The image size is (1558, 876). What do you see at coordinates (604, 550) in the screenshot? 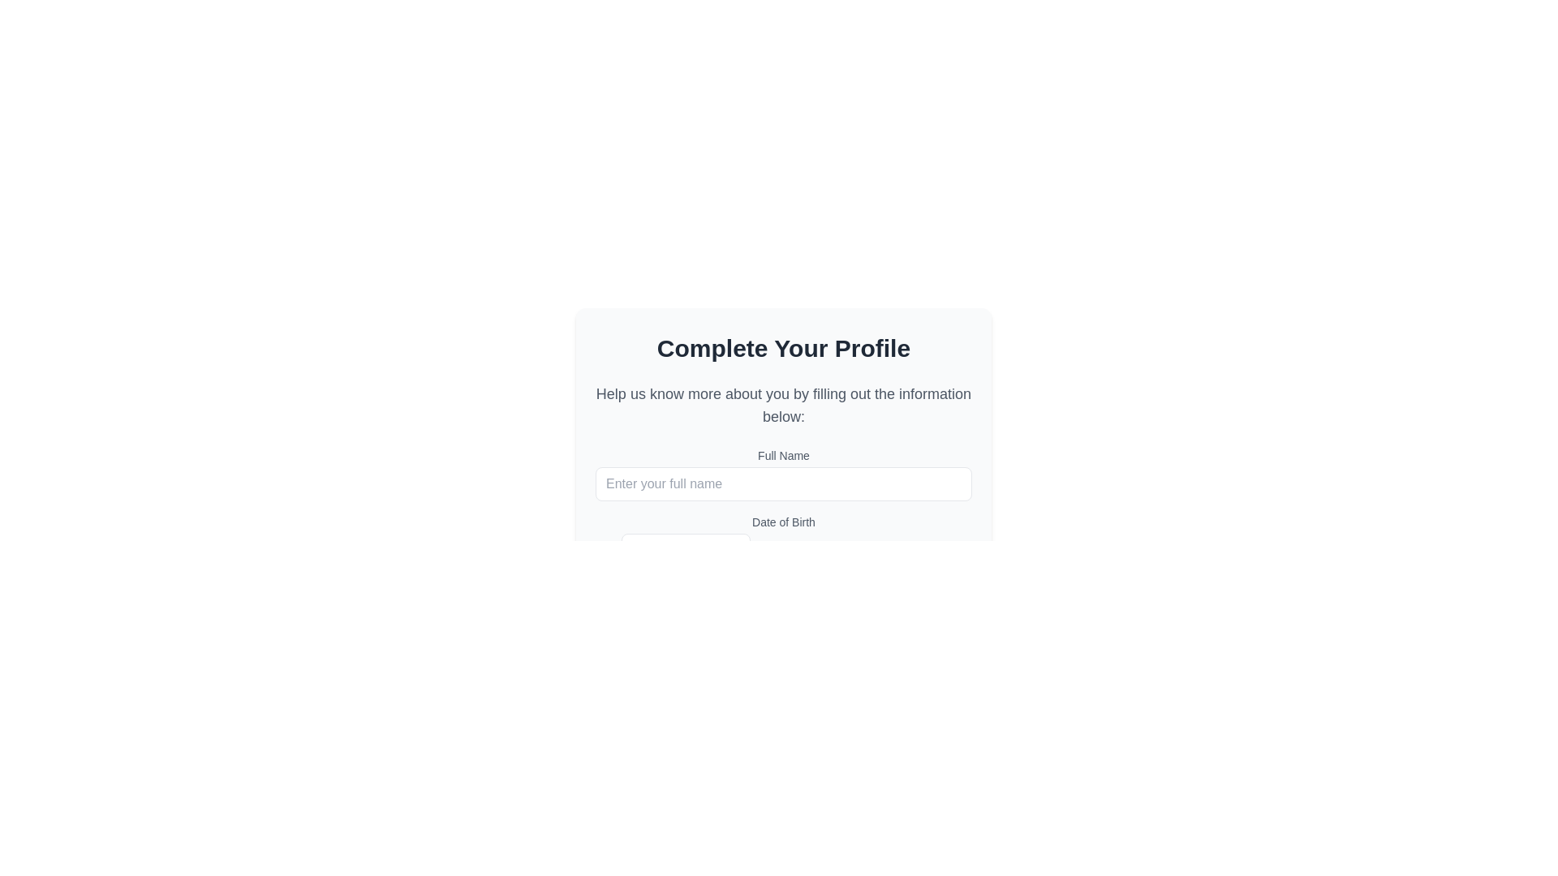
I see `the calendar icon located directly to the left of the 'Date of Birth' input field for information regarding date selection` at bounding box center [604, 550].